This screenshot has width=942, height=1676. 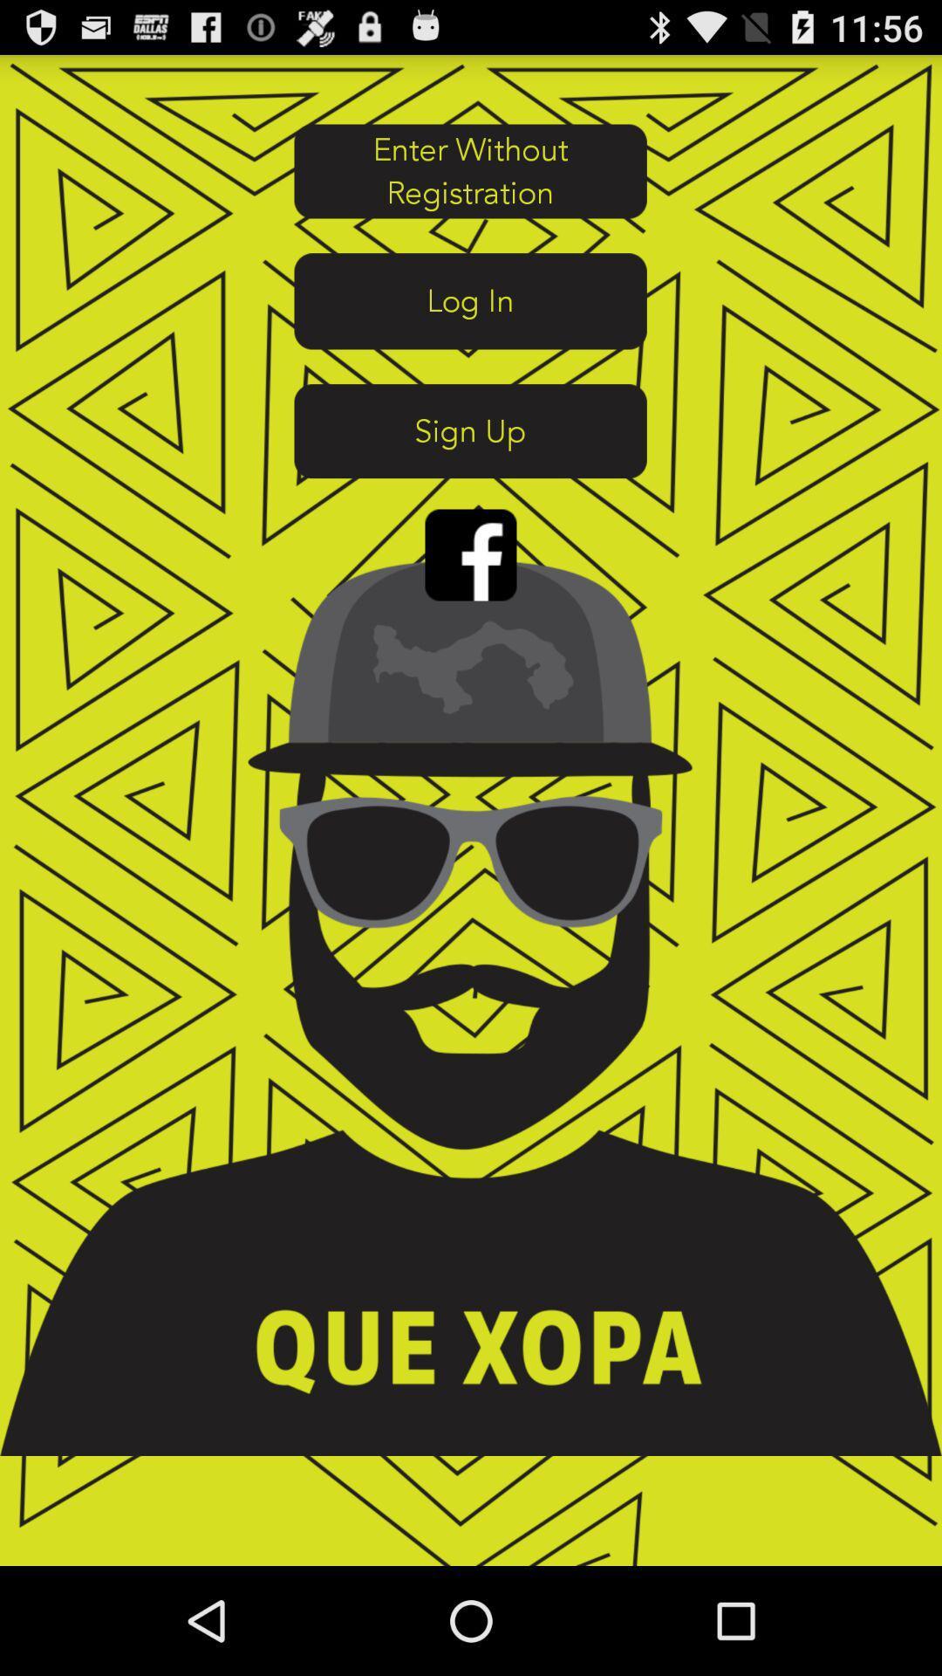 What do you see at coordinates (471, 553) in the screenshot?
I see `face book log in button` at bounding box center [471, 553].